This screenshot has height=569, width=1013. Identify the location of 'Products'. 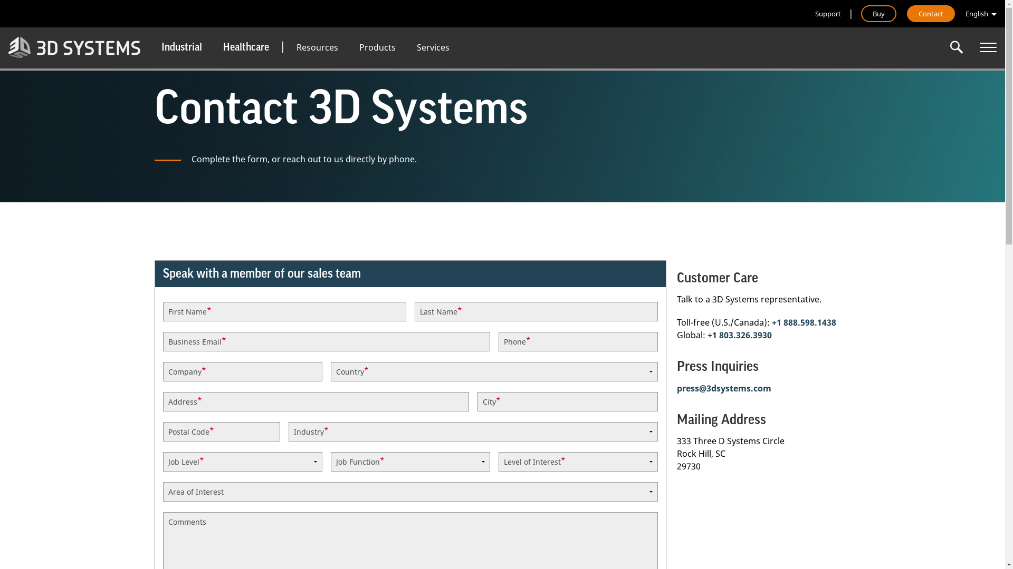
(377, 46).